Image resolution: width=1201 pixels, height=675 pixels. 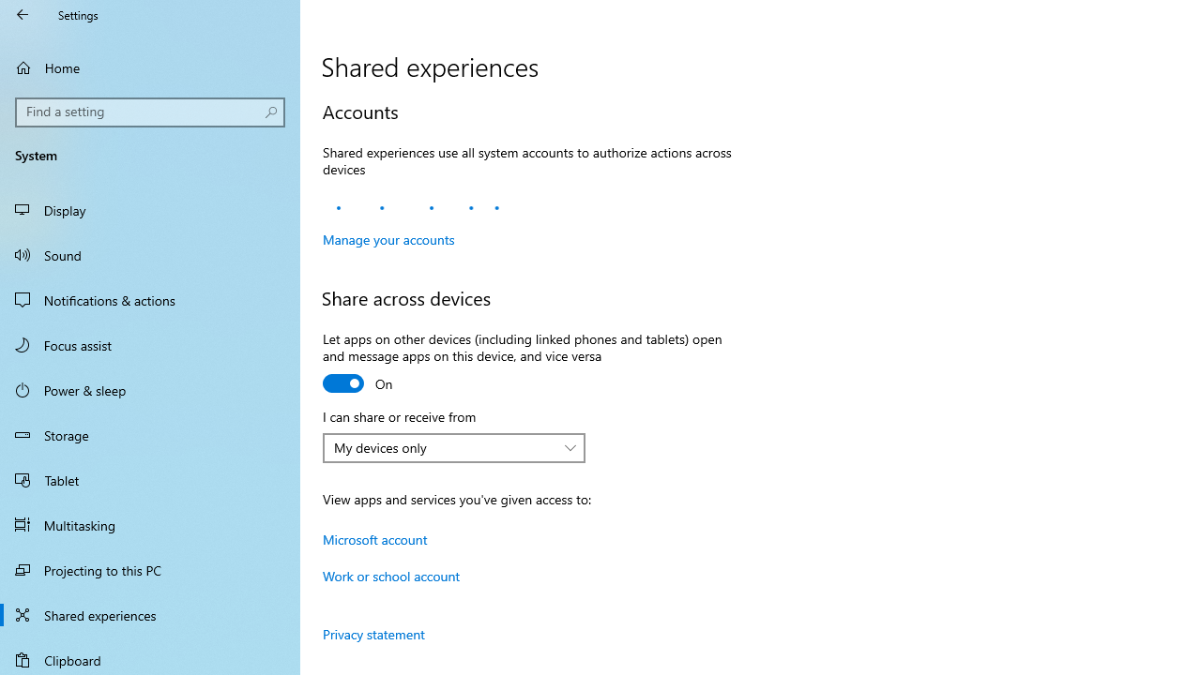 I want to click on 'Back', so click(x=23, y=14).